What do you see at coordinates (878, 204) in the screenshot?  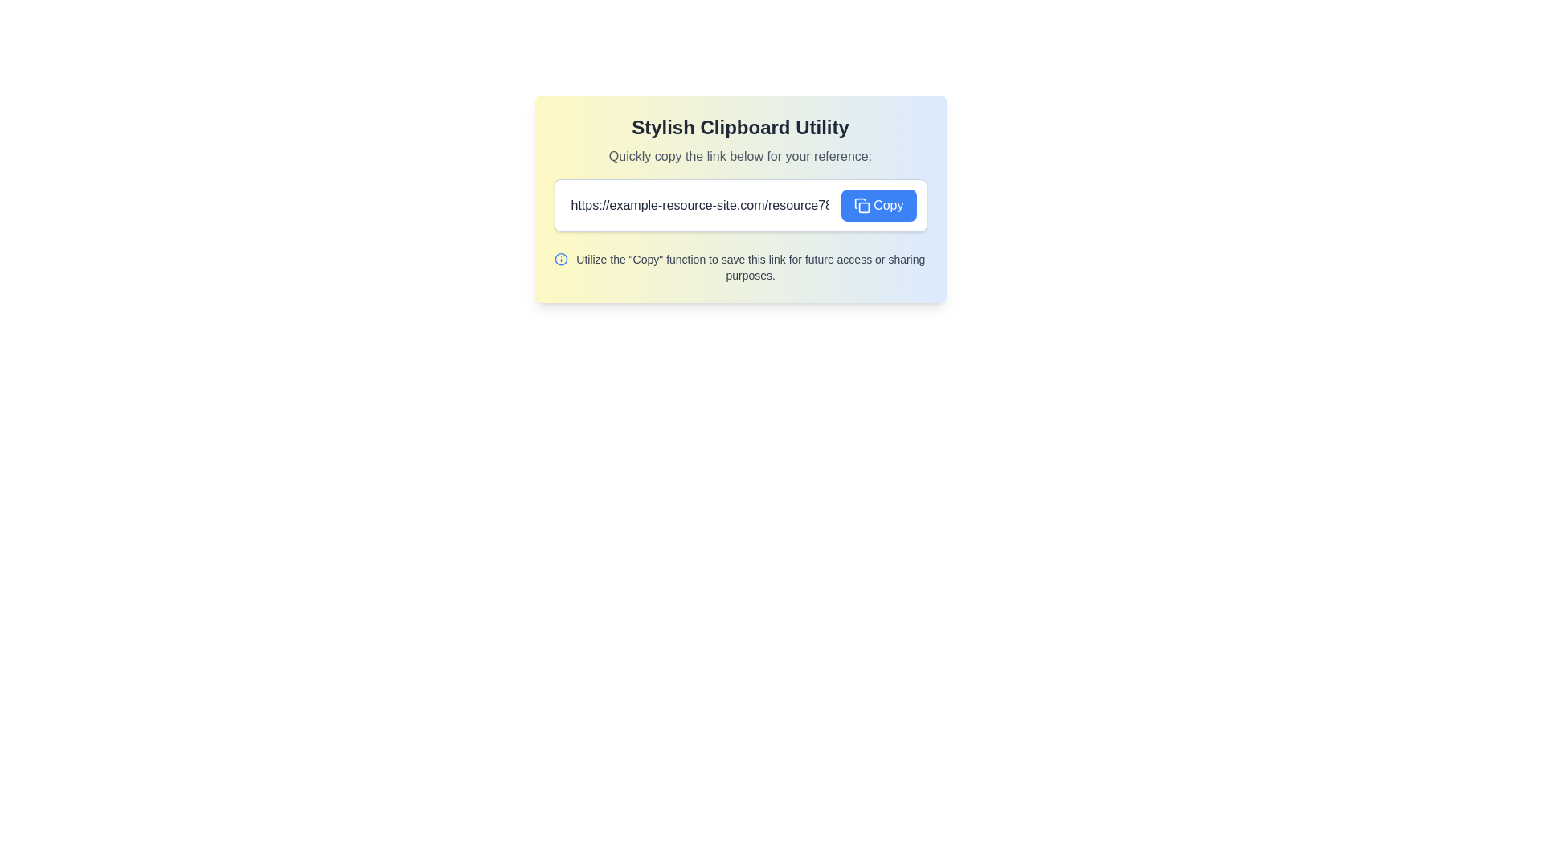 I see `the 'Copy' button` at bounding box center [878, 204].